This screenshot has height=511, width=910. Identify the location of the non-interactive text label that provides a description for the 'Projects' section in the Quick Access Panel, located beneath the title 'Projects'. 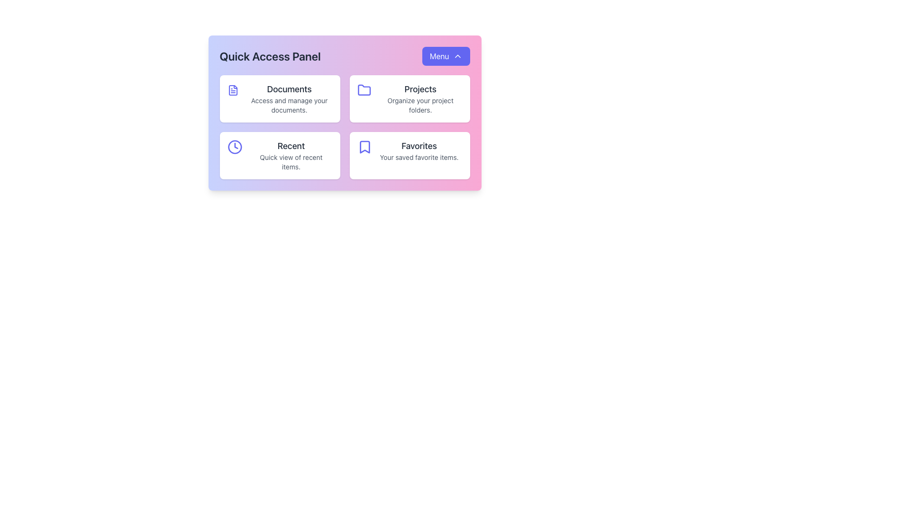
(420, 106).